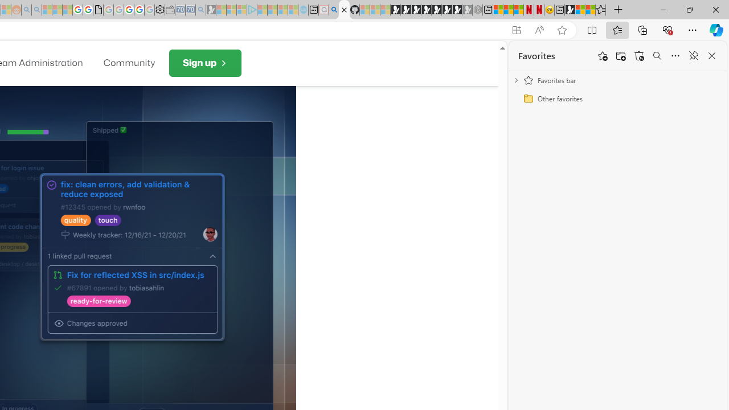 The width and height of the screenshot is (729, 410). I want to click on 'New Tab', so click(618, 10).